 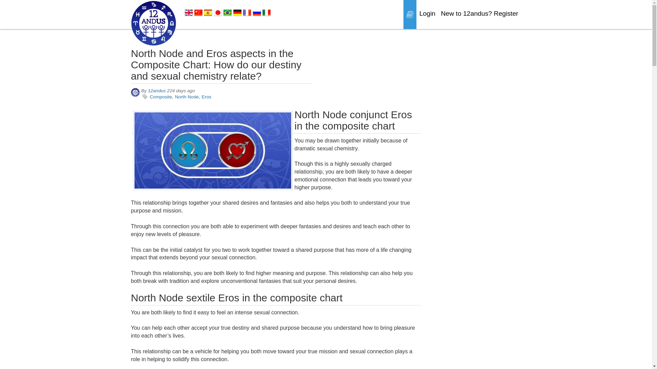 What do you see at coordinates (156, 90) in the screenshot?
I see `'12andus'` at bounding box center [156, 90].